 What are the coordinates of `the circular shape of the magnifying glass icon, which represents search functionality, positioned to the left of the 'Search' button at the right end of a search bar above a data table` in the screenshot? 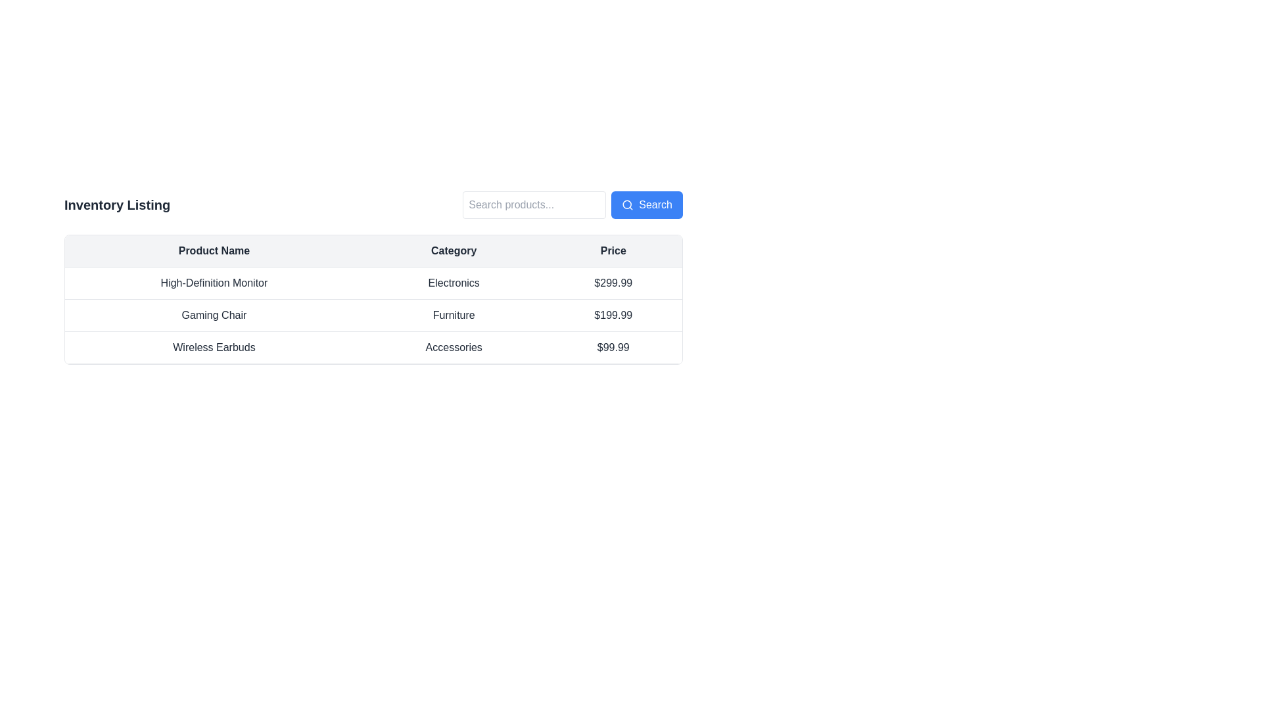 It's located at (626, 204).